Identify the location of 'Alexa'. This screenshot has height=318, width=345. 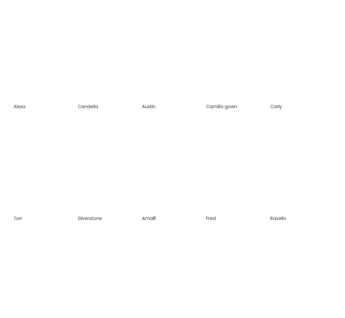
(19, 106).